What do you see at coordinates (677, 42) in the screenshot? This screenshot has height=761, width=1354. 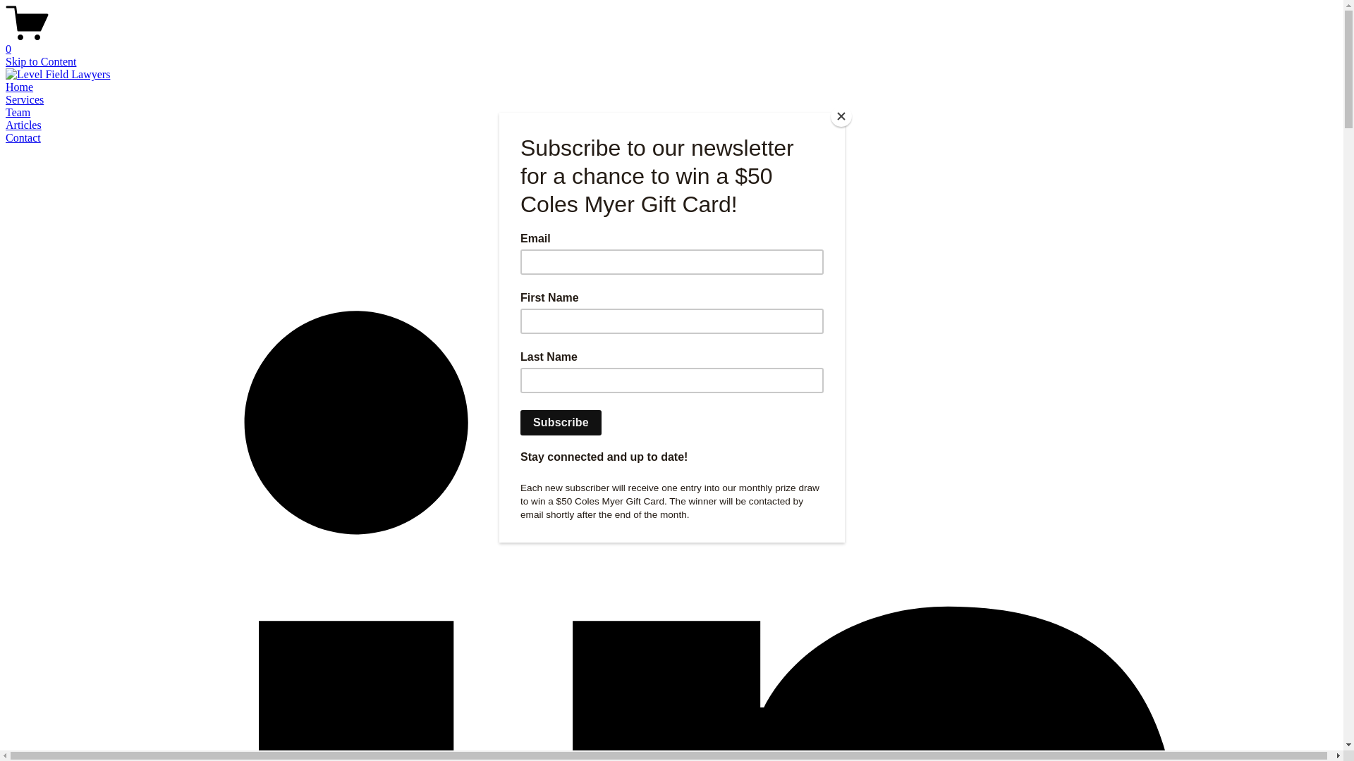 I see `'0'` at bounding box center [677, 42].